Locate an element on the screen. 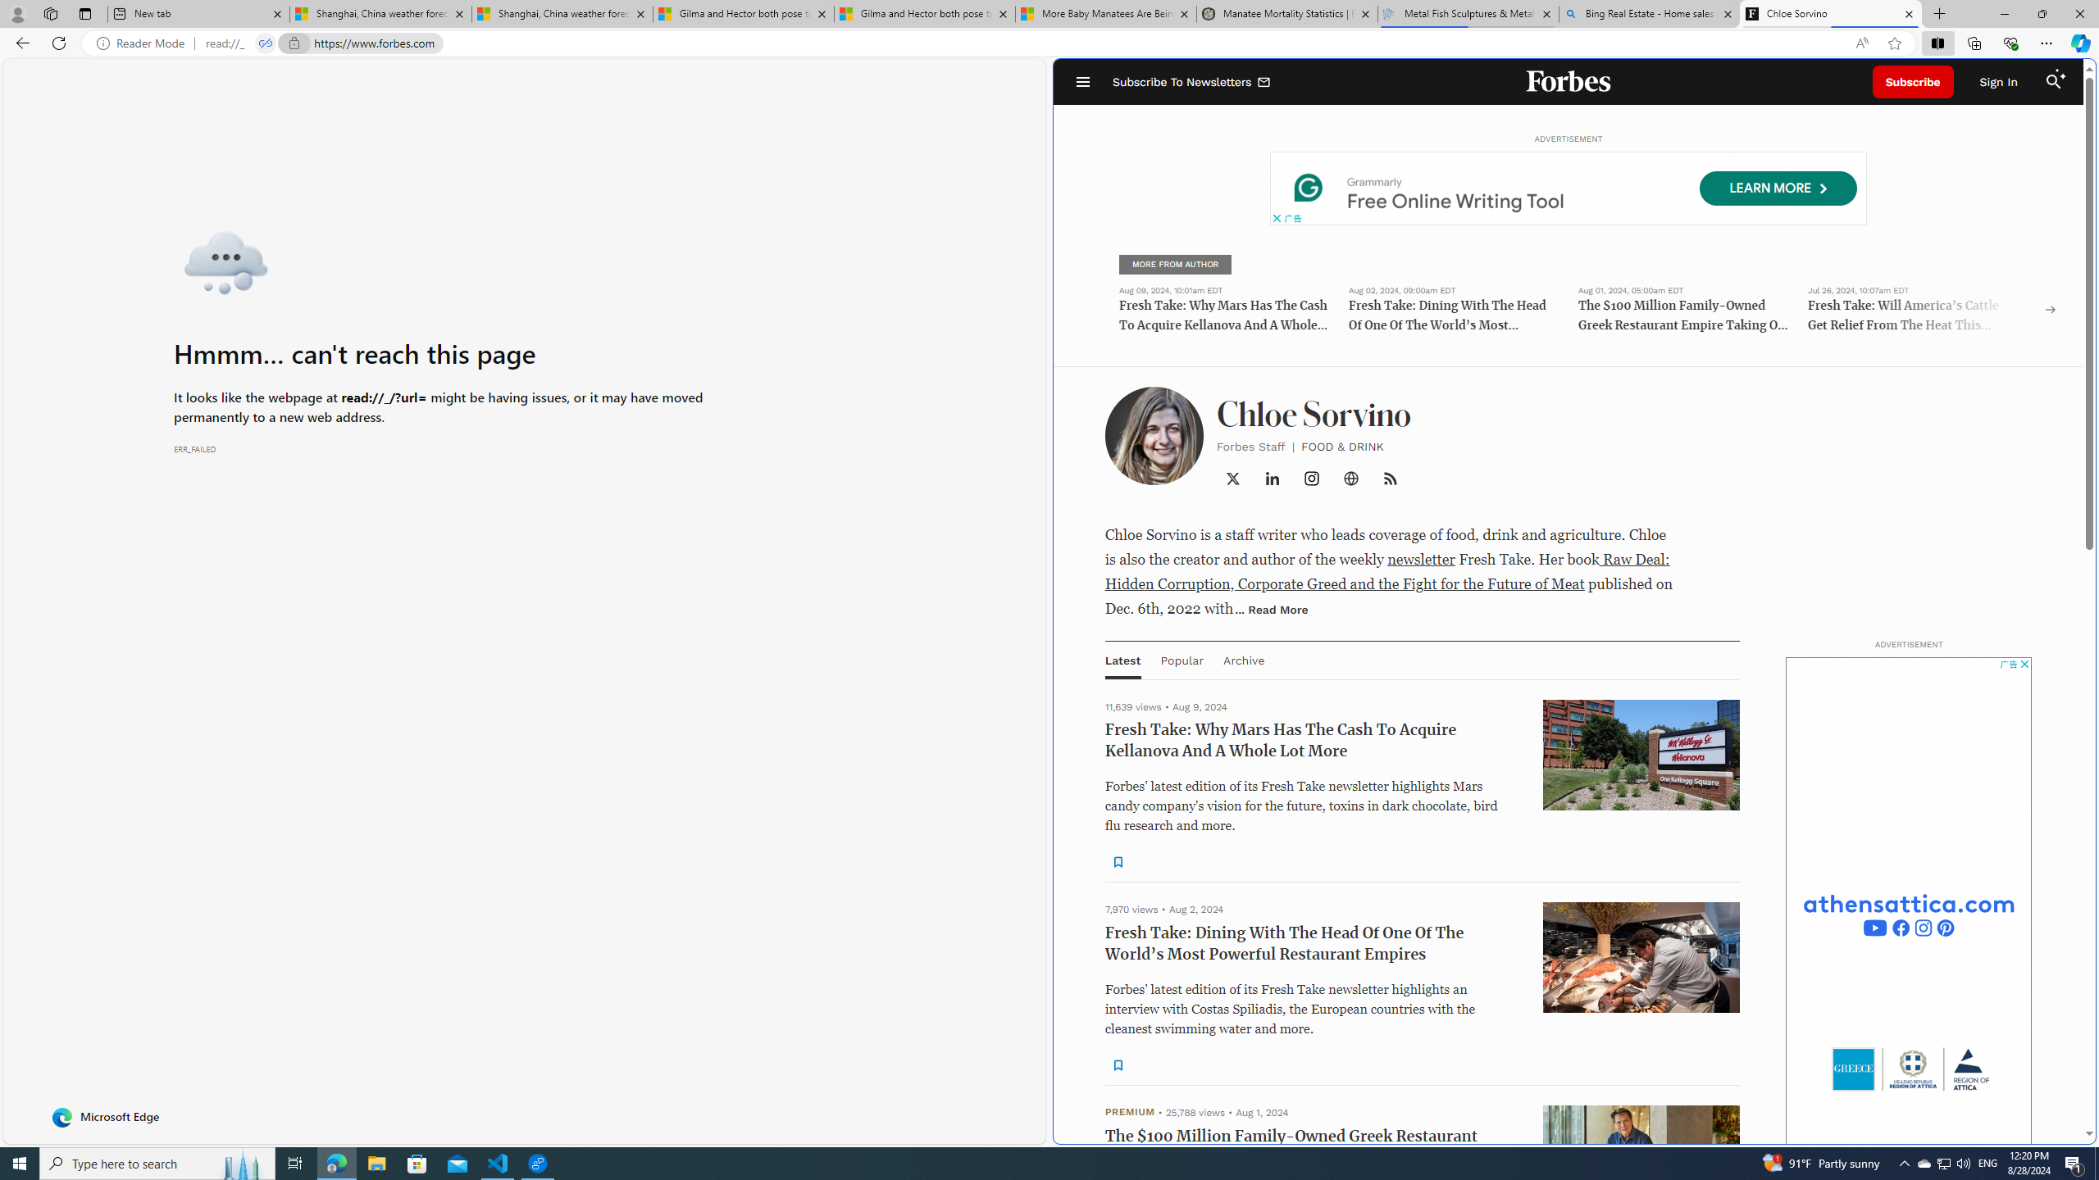 Image resolution: width=2099 pixels, height=1180 pixels. 'Chloe Sorvino' is located at coordinates (1831, 13).